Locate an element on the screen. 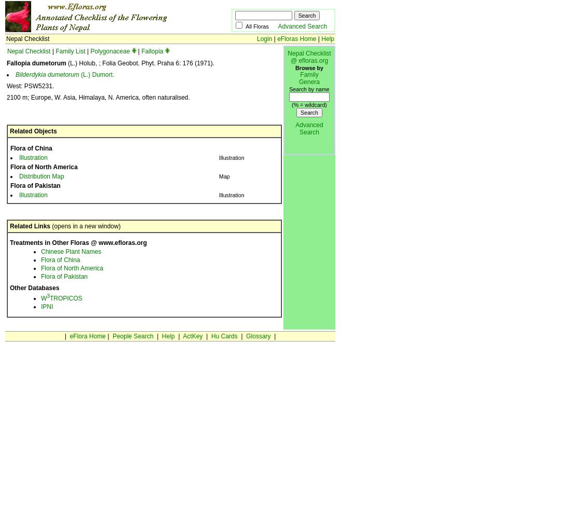  '2100 m; Europe, W. Asia, Himalaya, N. America, often naturalised.' is located at coordinates (6, 98).